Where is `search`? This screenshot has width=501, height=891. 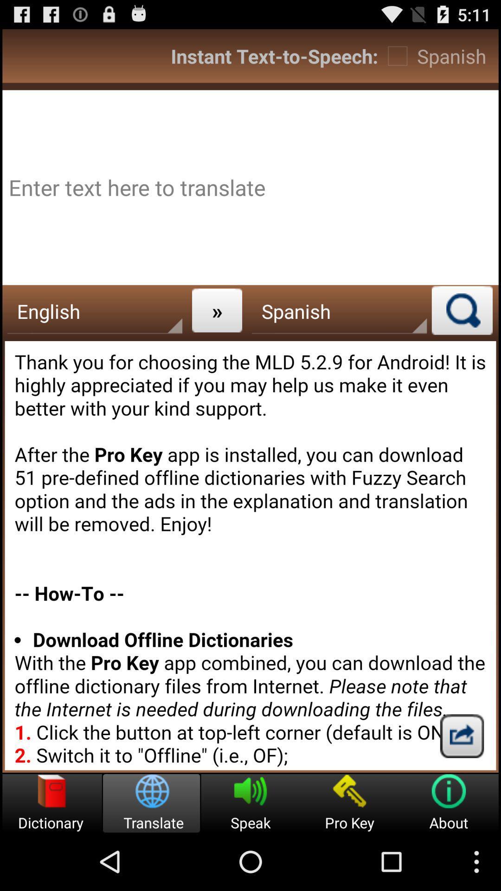
search is located at coordinates (462, 310).